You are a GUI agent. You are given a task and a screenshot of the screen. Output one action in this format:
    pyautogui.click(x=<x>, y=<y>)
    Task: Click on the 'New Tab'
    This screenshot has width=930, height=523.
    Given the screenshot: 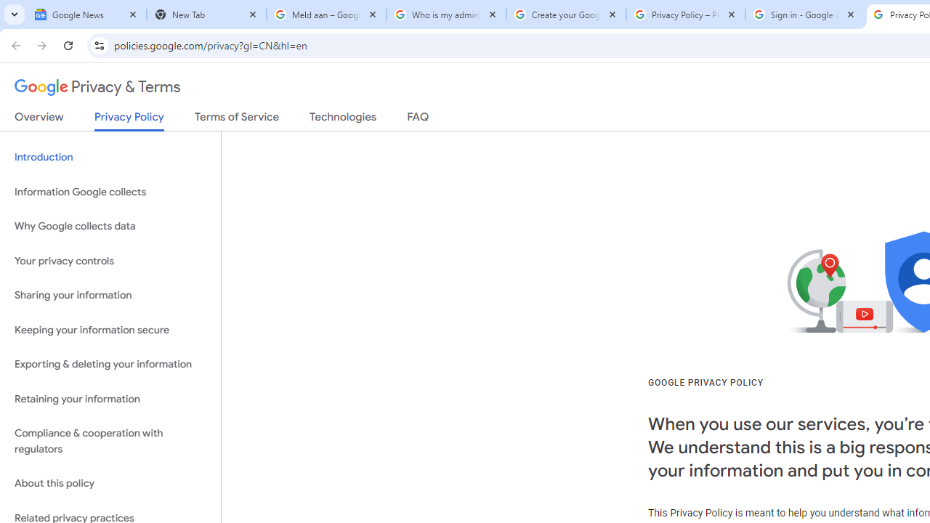 What is the action you would take?
    pyautogui.click(x=206, y=15)
    